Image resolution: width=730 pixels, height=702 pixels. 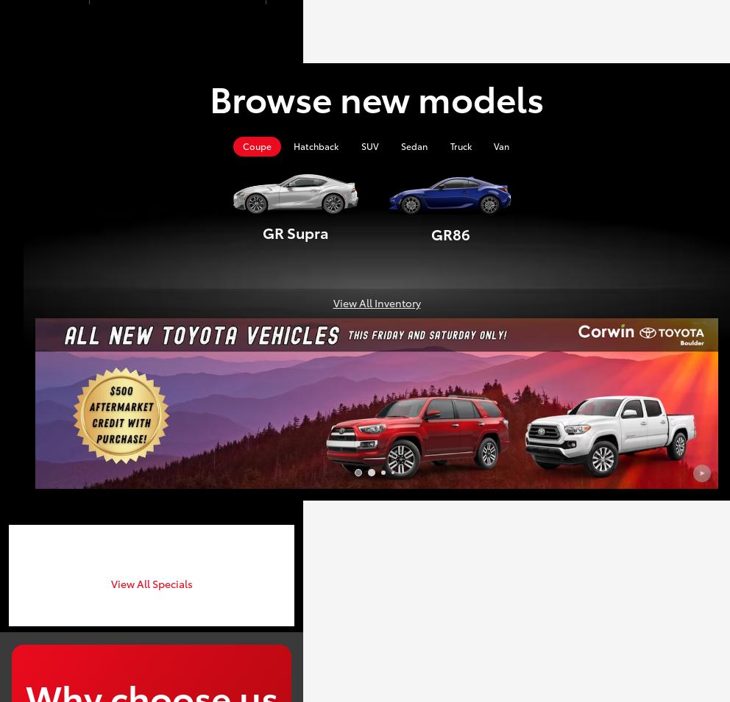 I want to click on 'Hatchback', so click(x=293, y=146).